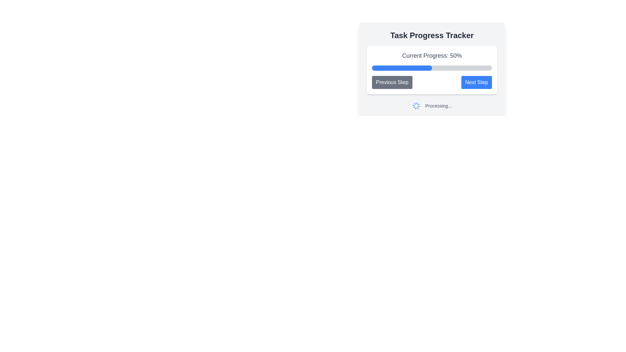  Describe the element at coordinates (402, 68) in the screenshot. I see `the filled segment of the progress bar located under the text 'Current Progress: 50%' in the 'Task Progress Tracker' section, which indicates a completion level of 50%` at that location.